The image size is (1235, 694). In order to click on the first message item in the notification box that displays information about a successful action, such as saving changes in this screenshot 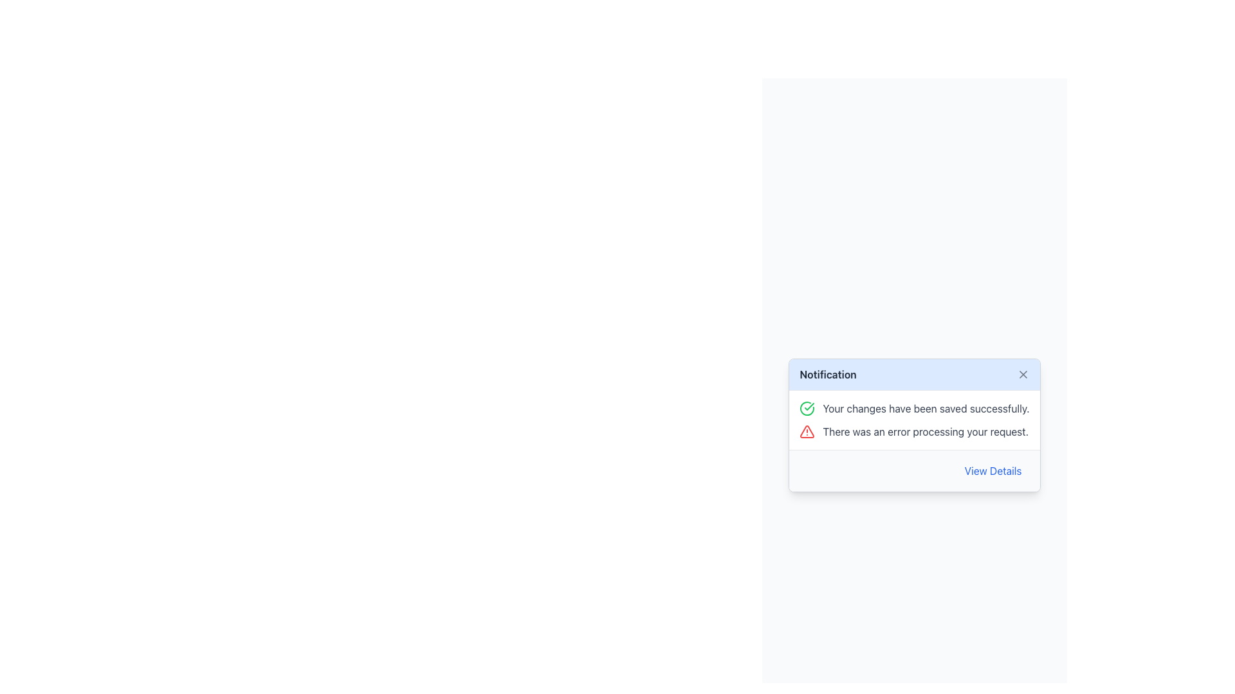, I will do `click(926, 409)`.